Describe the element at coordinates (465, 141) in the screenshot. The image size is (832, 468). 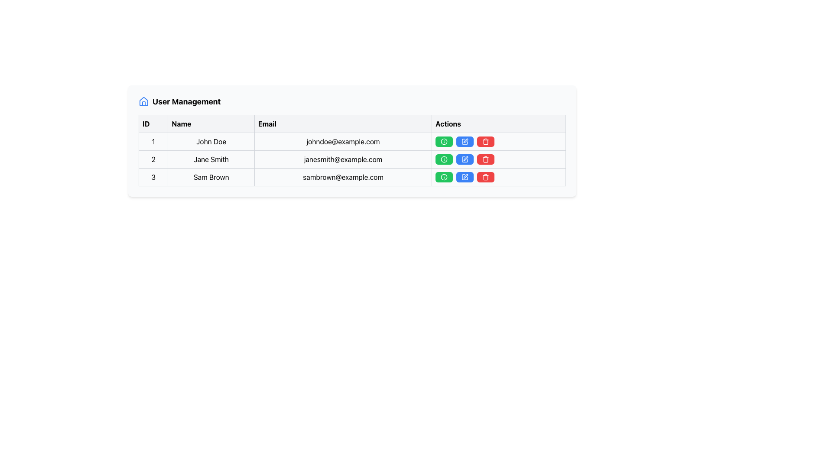
I see `the edit button located in the 'Actions' column, second position among the action buttons of the first row, to initiate the edit function` at that location.